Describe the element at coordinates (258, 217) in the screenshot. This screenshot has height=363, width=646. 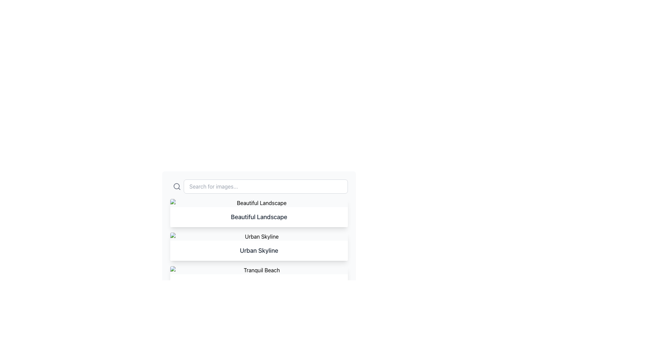
I see `the text element displaying the title 'Beautiful Landscape'` at that location.